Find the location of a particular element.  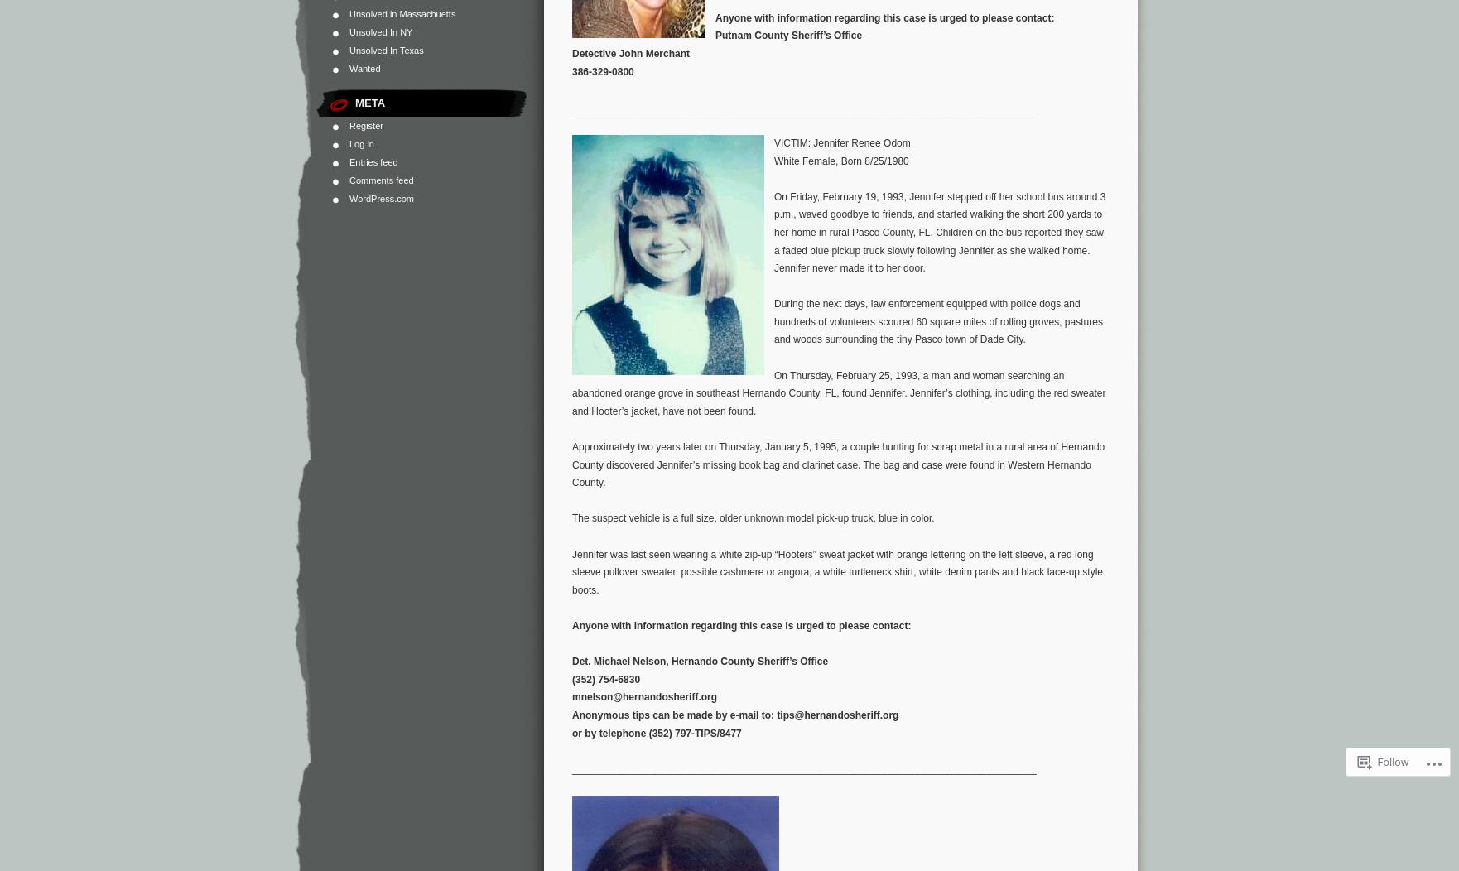

'WordPress.com' is located at coordinates (380, 197).